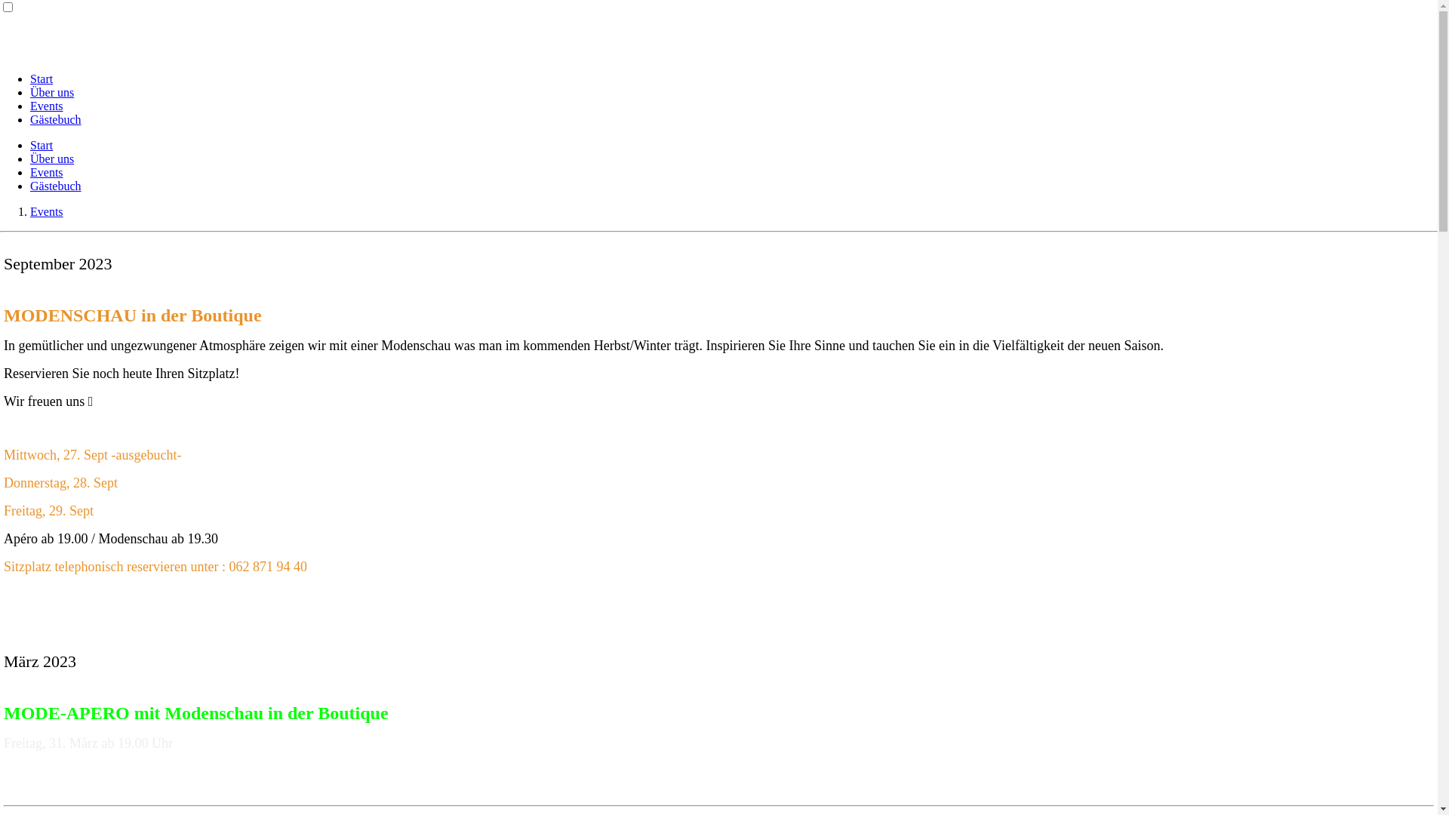 Image resolution: width=1449 pixels, height=815 pixels. I want to click on 'Start', so click(41, 145).